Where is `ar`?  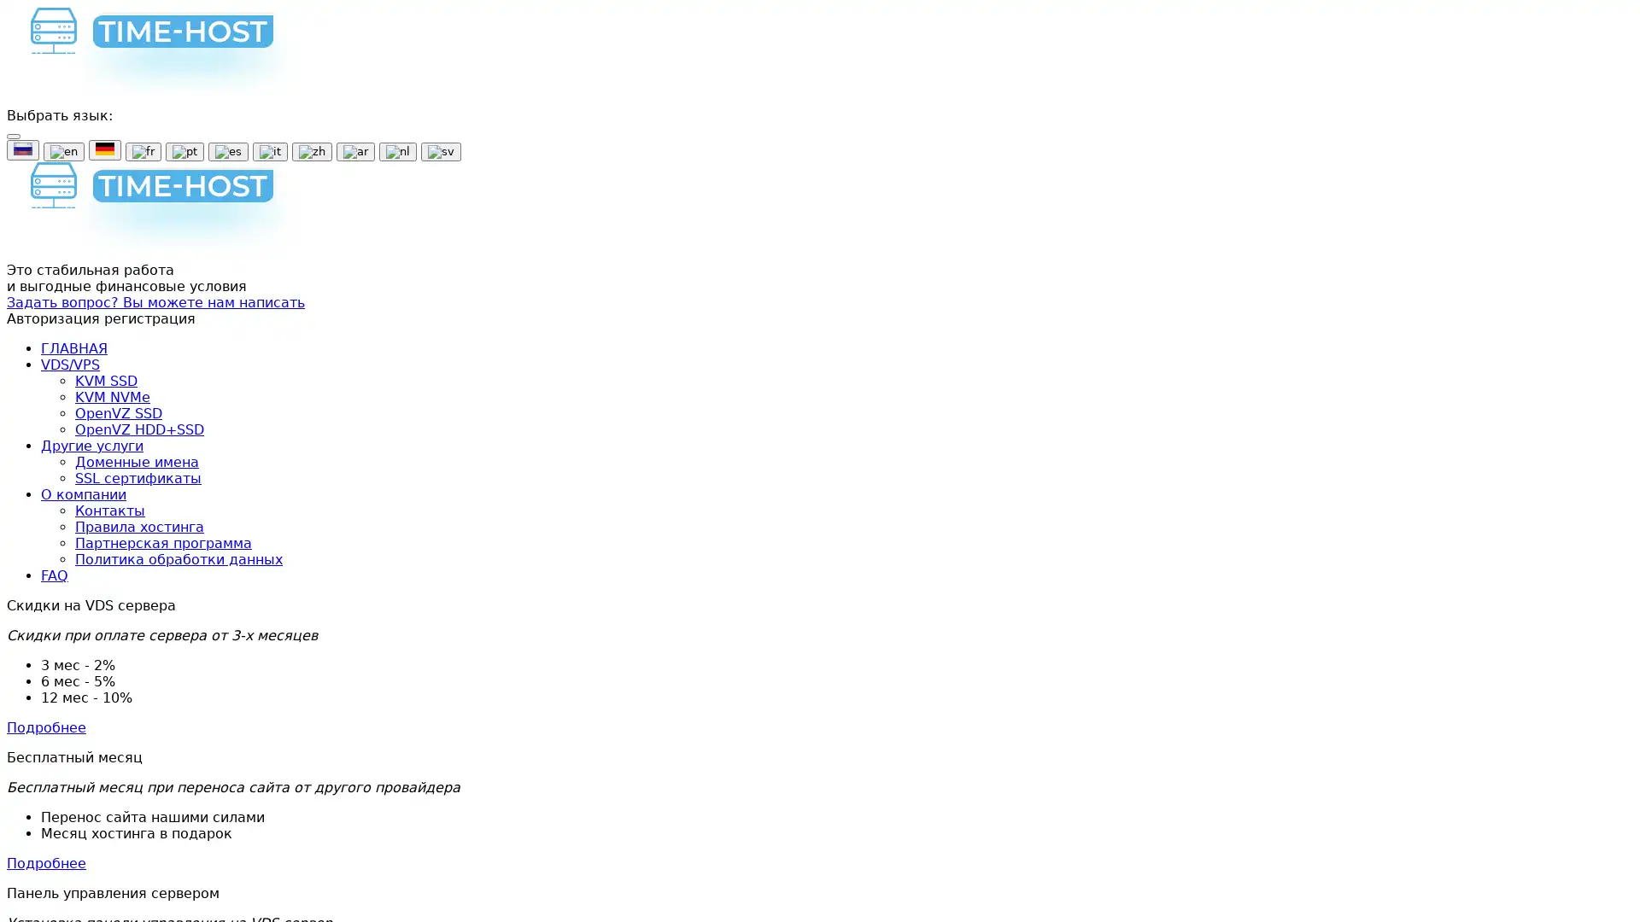 ar is located at coordinates (354, 150).